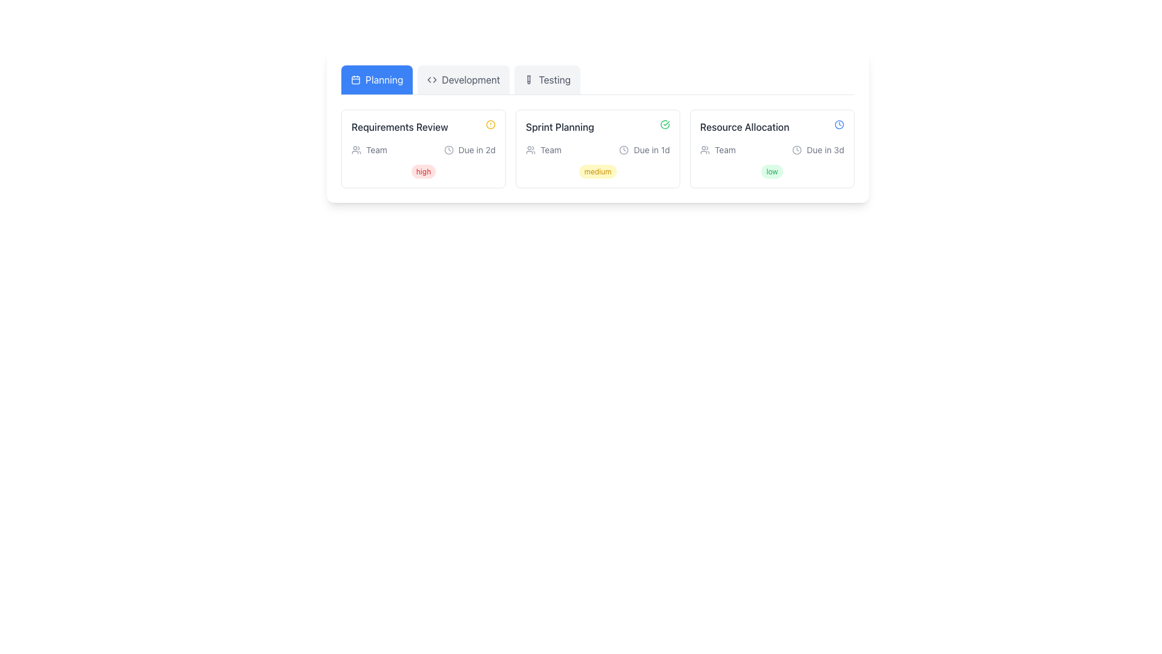 Image resolution: width=1162 pixels, height=654 pixels. I want to click on the badge labeled 'medium' with a yellow background, which is centrally aligned within the 'Sprint Planning' card, so click(598, 170).